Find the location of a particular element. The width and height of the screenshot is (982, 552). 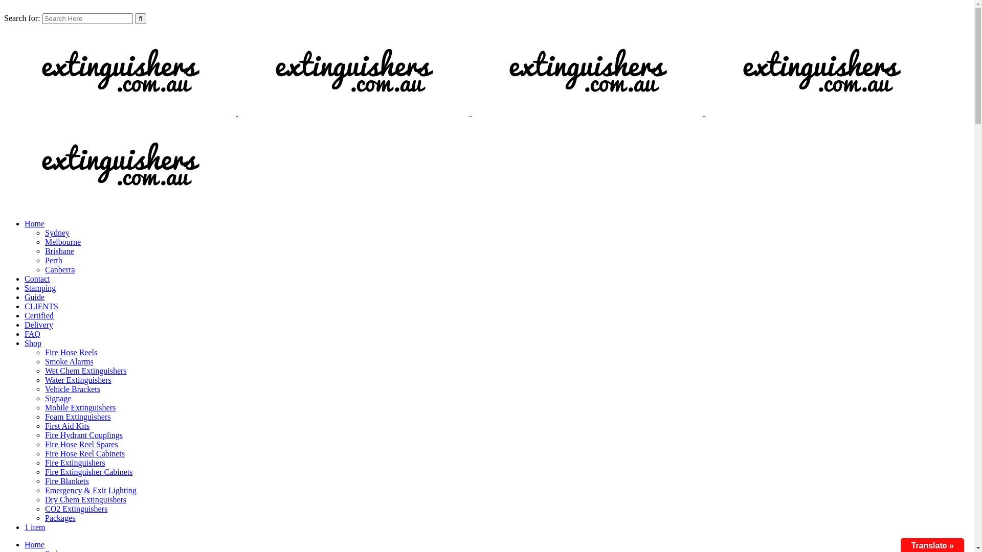

'Emergency & Exit Lighting' is located at coordinates (91, 490).